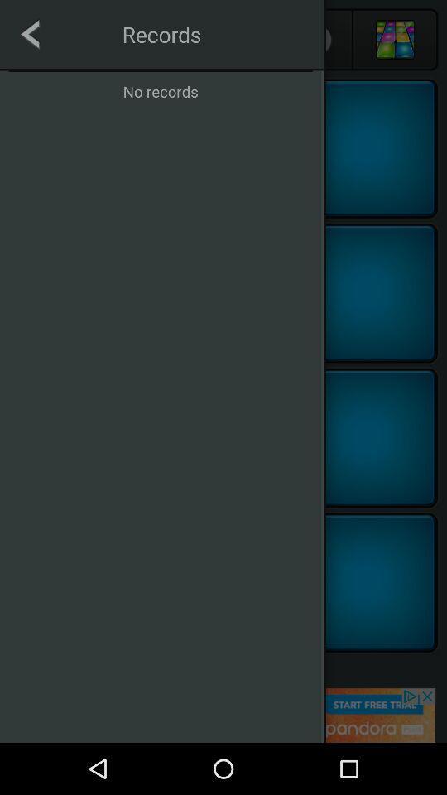  What do you see at coordinates (51, 39) in the screenshot?
I see `the arrow_backward icon` at bounding box center [51, 39].